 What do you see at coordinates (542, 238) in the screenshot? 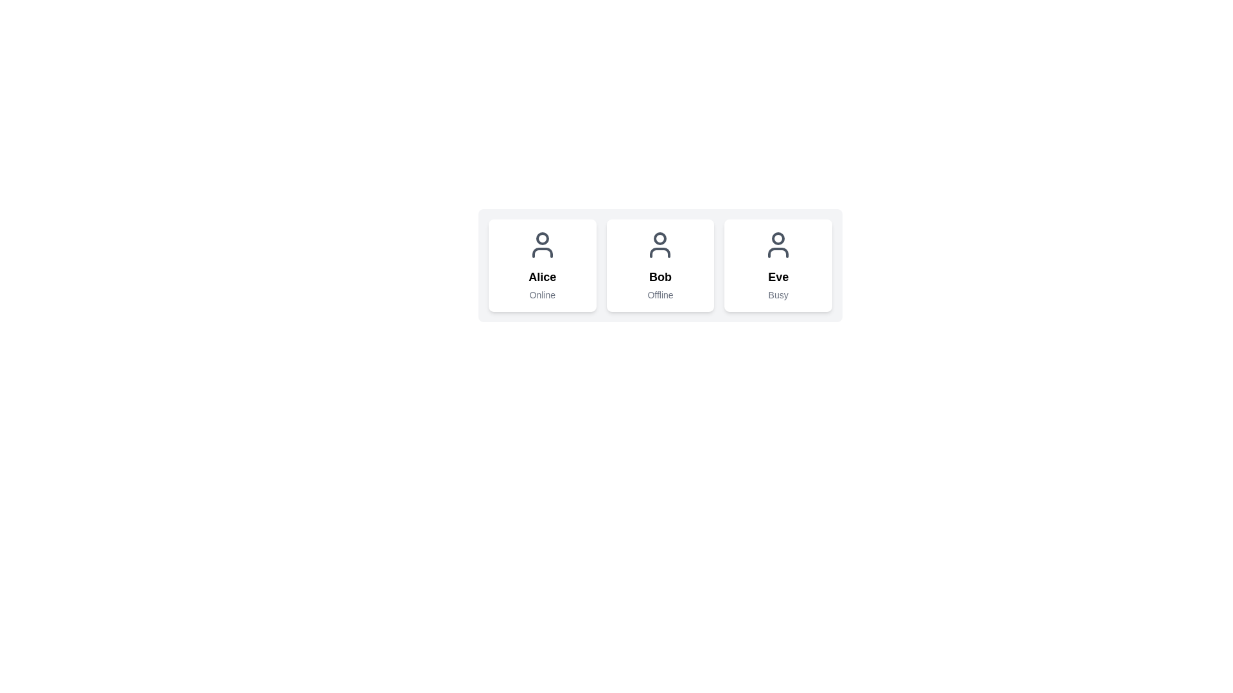
I see `the circular graphical element representing the user's profile image within the first card of a horizontal set of user cards` at bounding box center [542, 238].